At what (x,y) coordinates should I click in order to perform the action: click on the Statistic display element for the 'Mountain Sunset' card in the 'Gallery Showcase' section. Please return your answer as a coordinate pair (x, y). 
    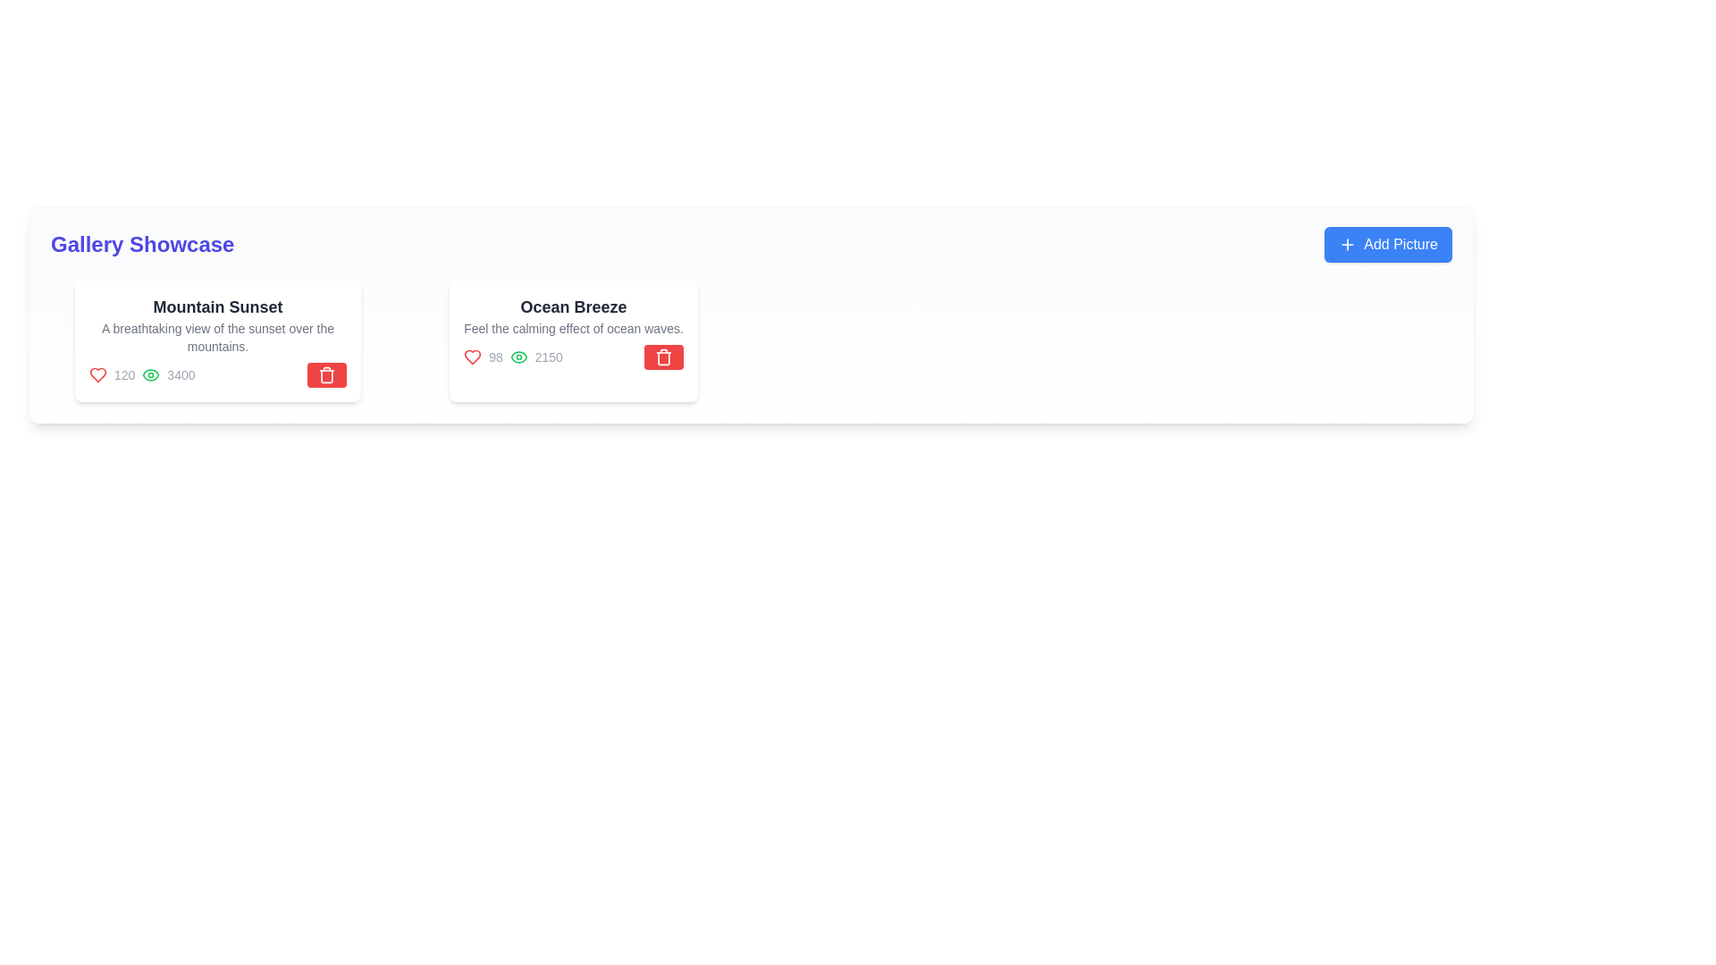
    Looking at the image, I should click on (141, 374).